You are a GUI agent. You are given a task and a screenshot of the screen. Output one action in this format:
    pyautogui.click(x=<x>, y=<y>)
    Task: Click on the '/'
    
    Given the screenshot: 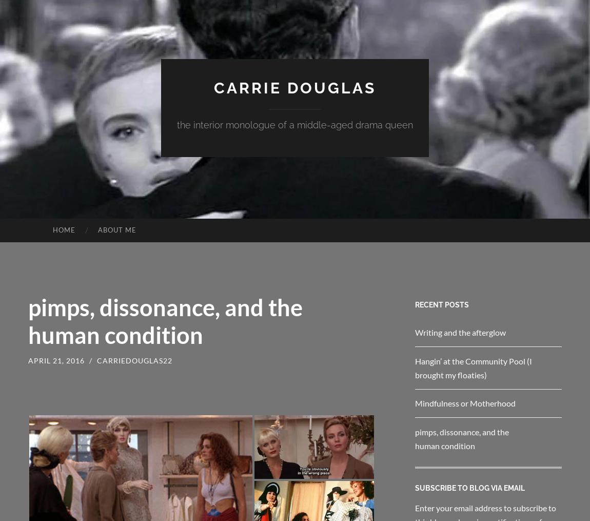 What is the action you would take?
    pyautogui.click(x=90, y=360)
    